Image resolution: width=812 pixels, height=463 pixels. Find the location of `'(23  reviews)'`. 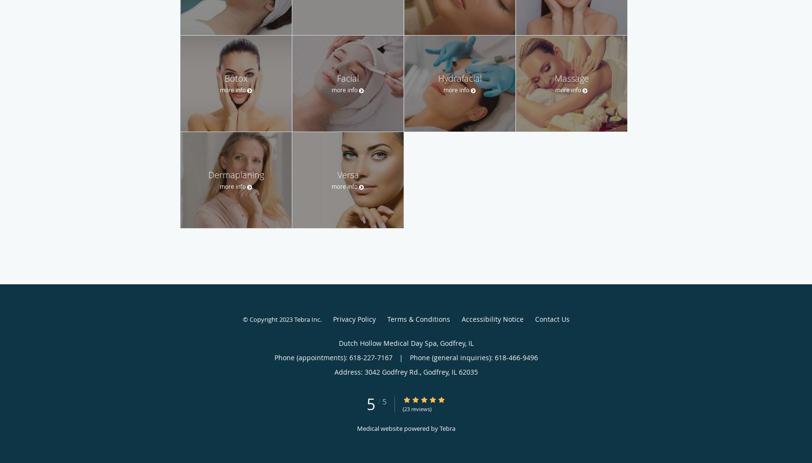

'(23  reviews)' is located at coordinates (416, 409).